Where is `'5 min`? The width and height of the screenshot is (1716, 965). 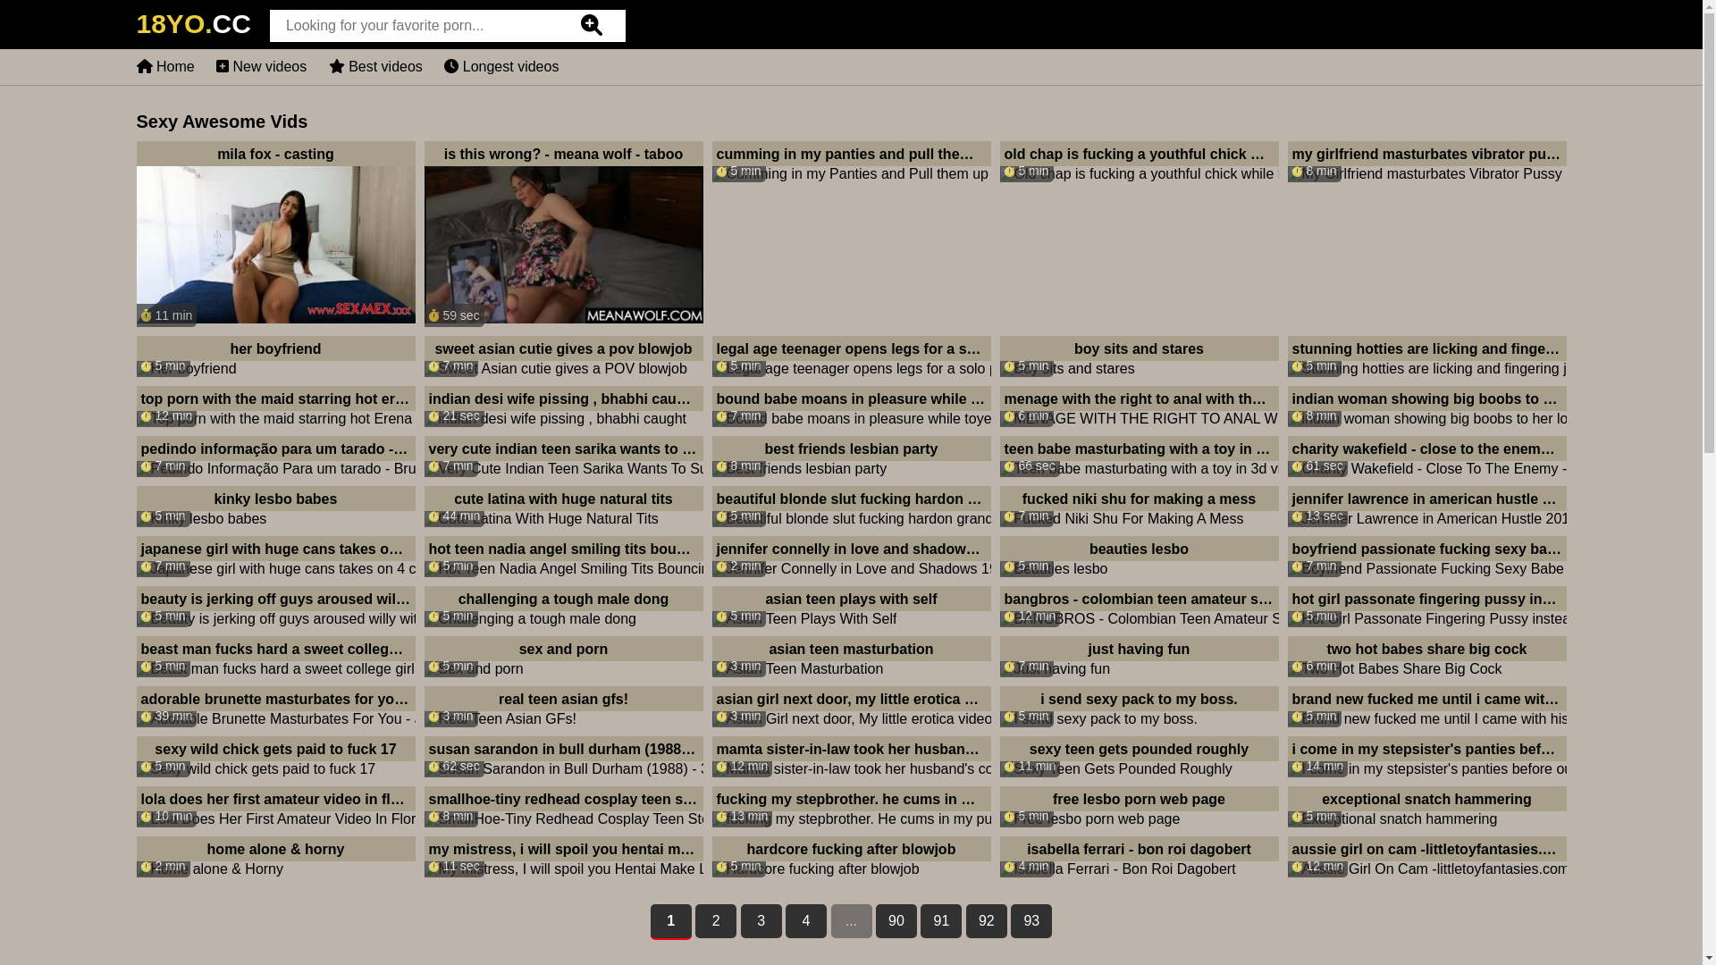 '5 min is located at coordinates (561, 657).